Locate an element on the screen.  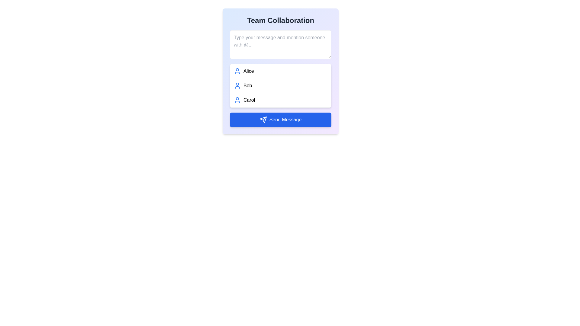
the blue user icon (SVG) located in the third entry of the vertically stacked list, positioned to the left of the text 'Carol' is located at coordinates (237, 100).